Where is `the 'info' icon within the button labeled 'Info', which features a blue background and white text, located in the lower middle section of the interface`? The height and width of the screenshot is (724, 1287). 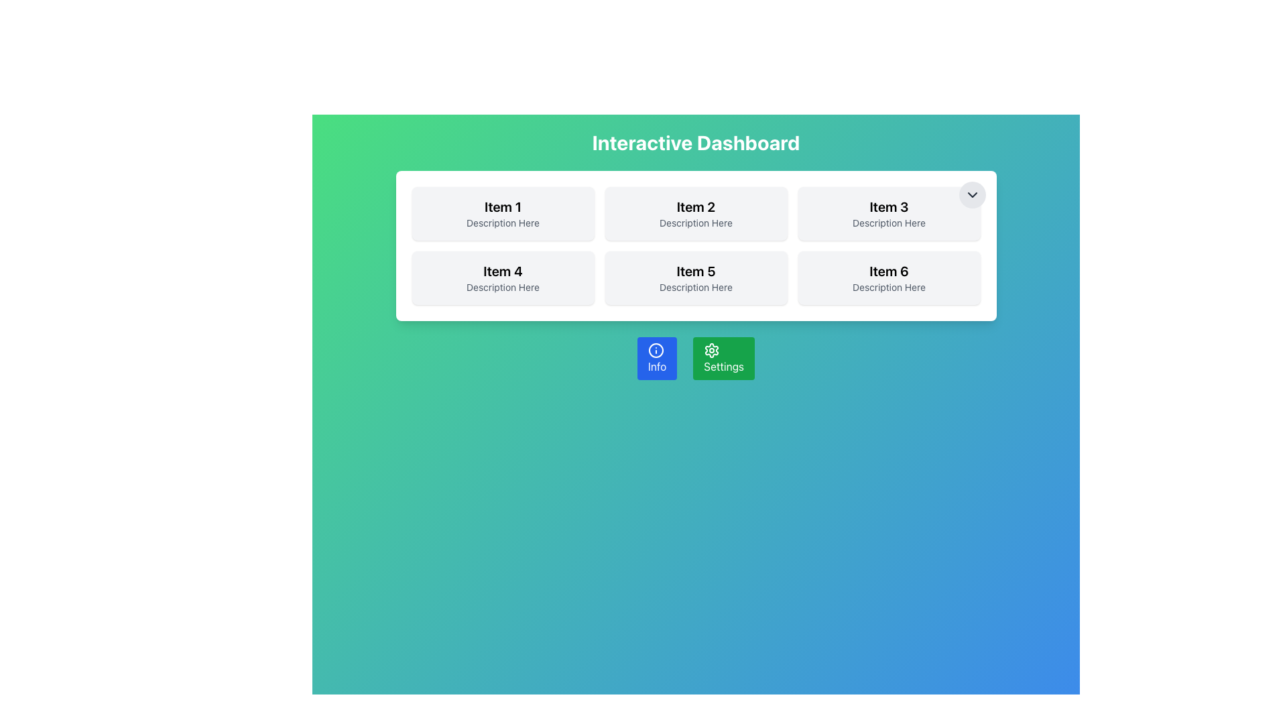 the 'info' icon within the button labeled 'Info', which features a blue background and white text, located in the lower middle section of the interface is located at coordinates (656, 350).